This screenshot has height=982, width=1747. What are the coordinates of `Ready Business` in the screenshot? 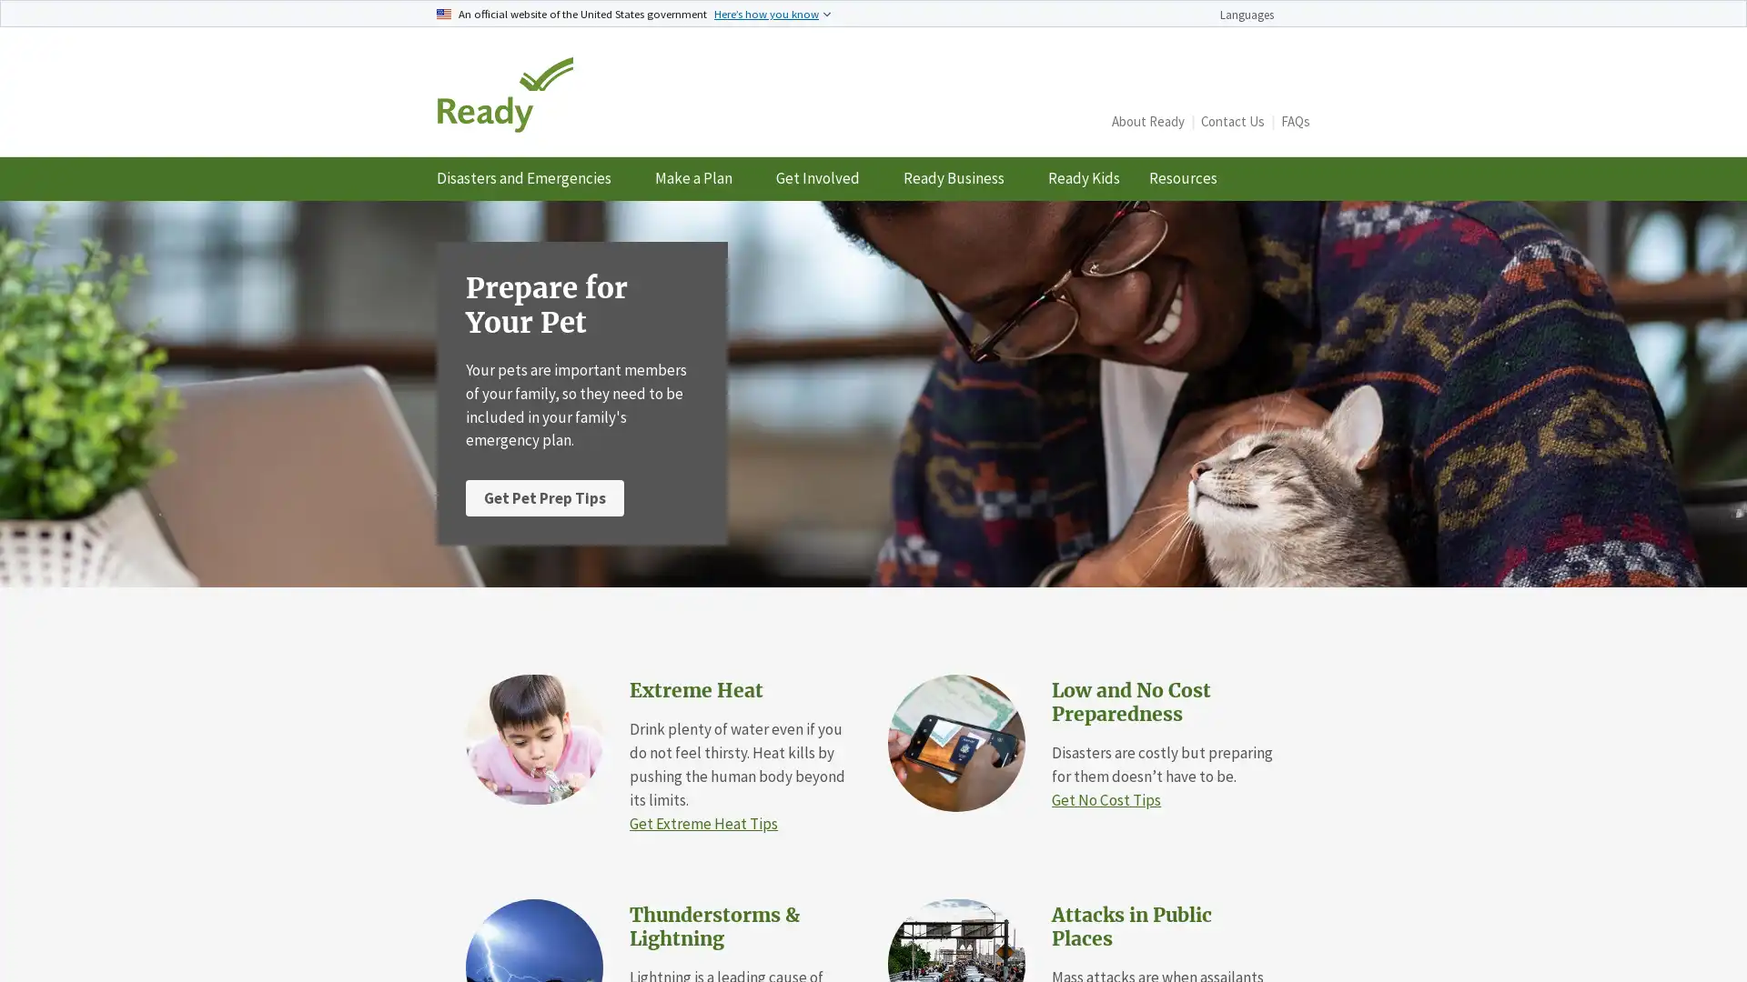 It's located at (960, 178).